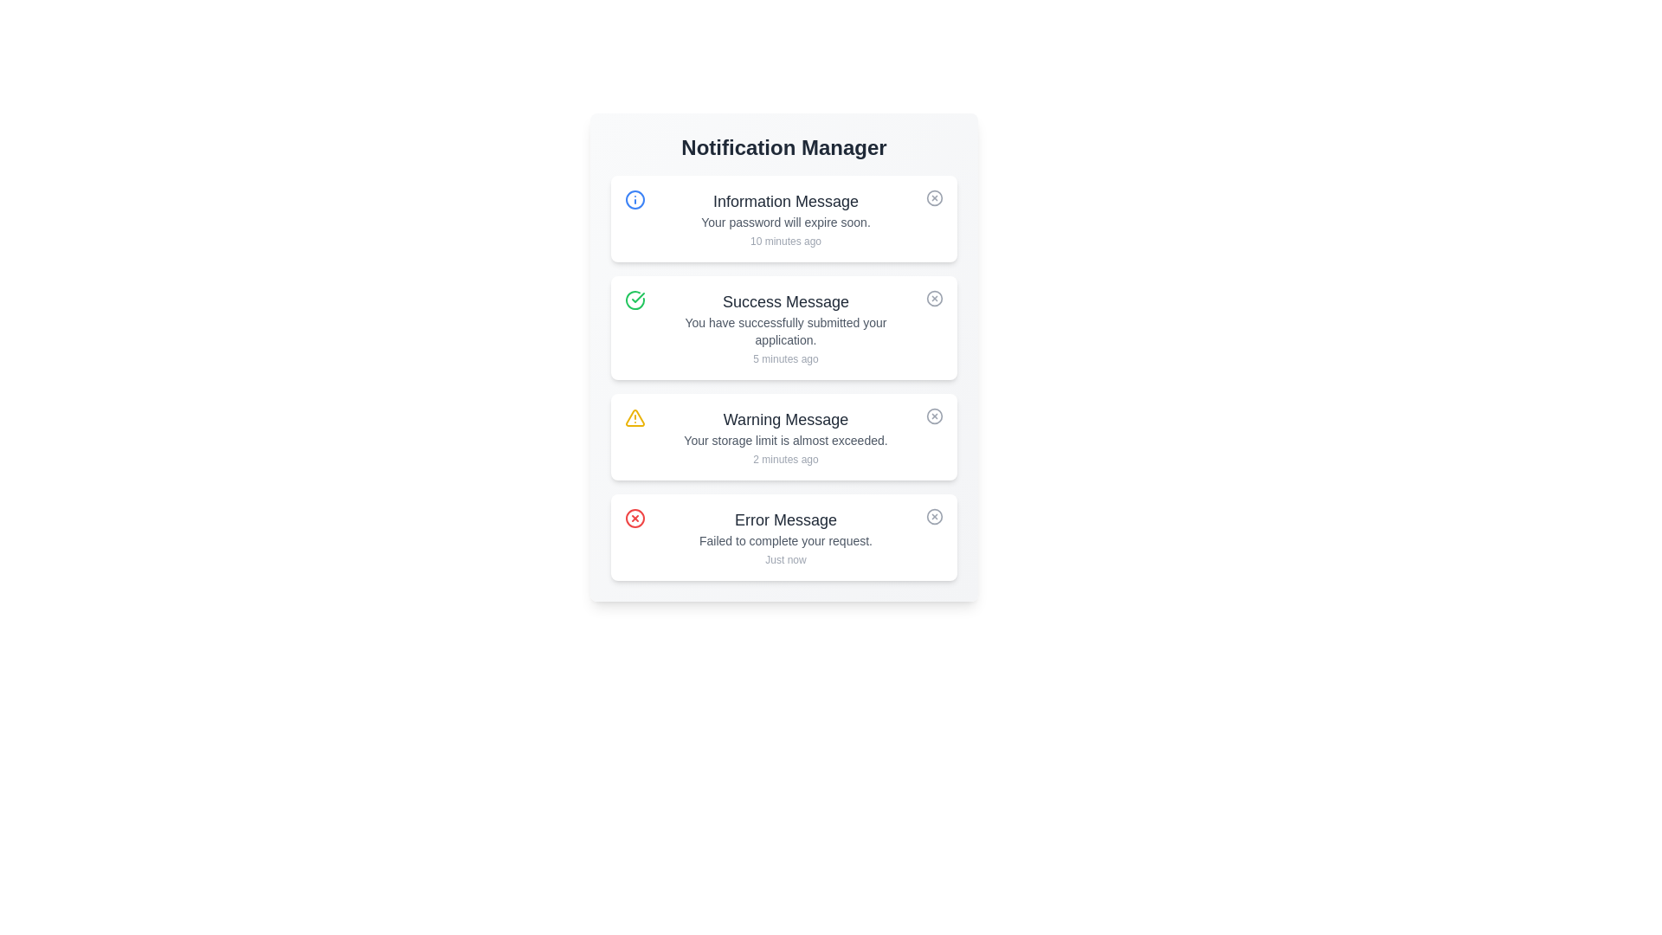 The image size is (1662, 935). I want to click on the decorative part of the 'close' icon for the 'Error Message' notification, which is positioned within a red-bordered 'X' icon at the far-right of the notification card, so click(635, 517).